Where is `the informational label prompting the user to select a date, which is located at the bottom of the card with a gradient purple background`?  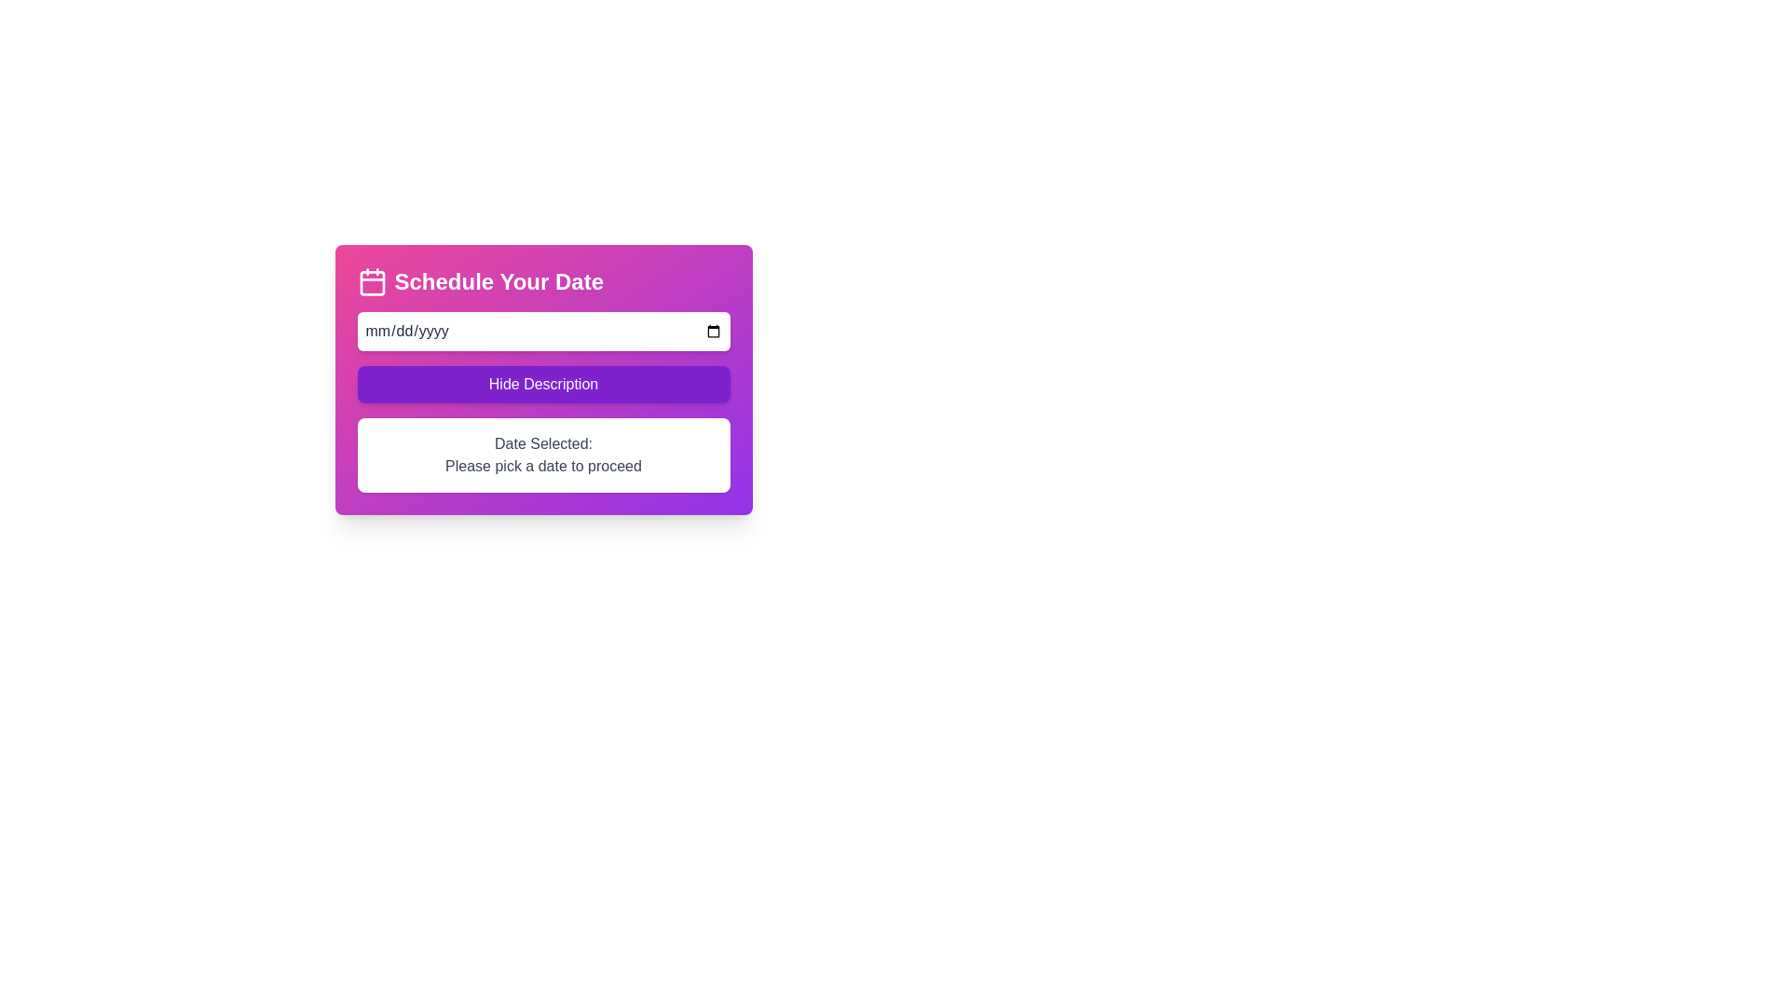
the informational label prompting the user to select a date, which is located at the bottom of the card with a gradient purple background is located at coordinates (542, 455).